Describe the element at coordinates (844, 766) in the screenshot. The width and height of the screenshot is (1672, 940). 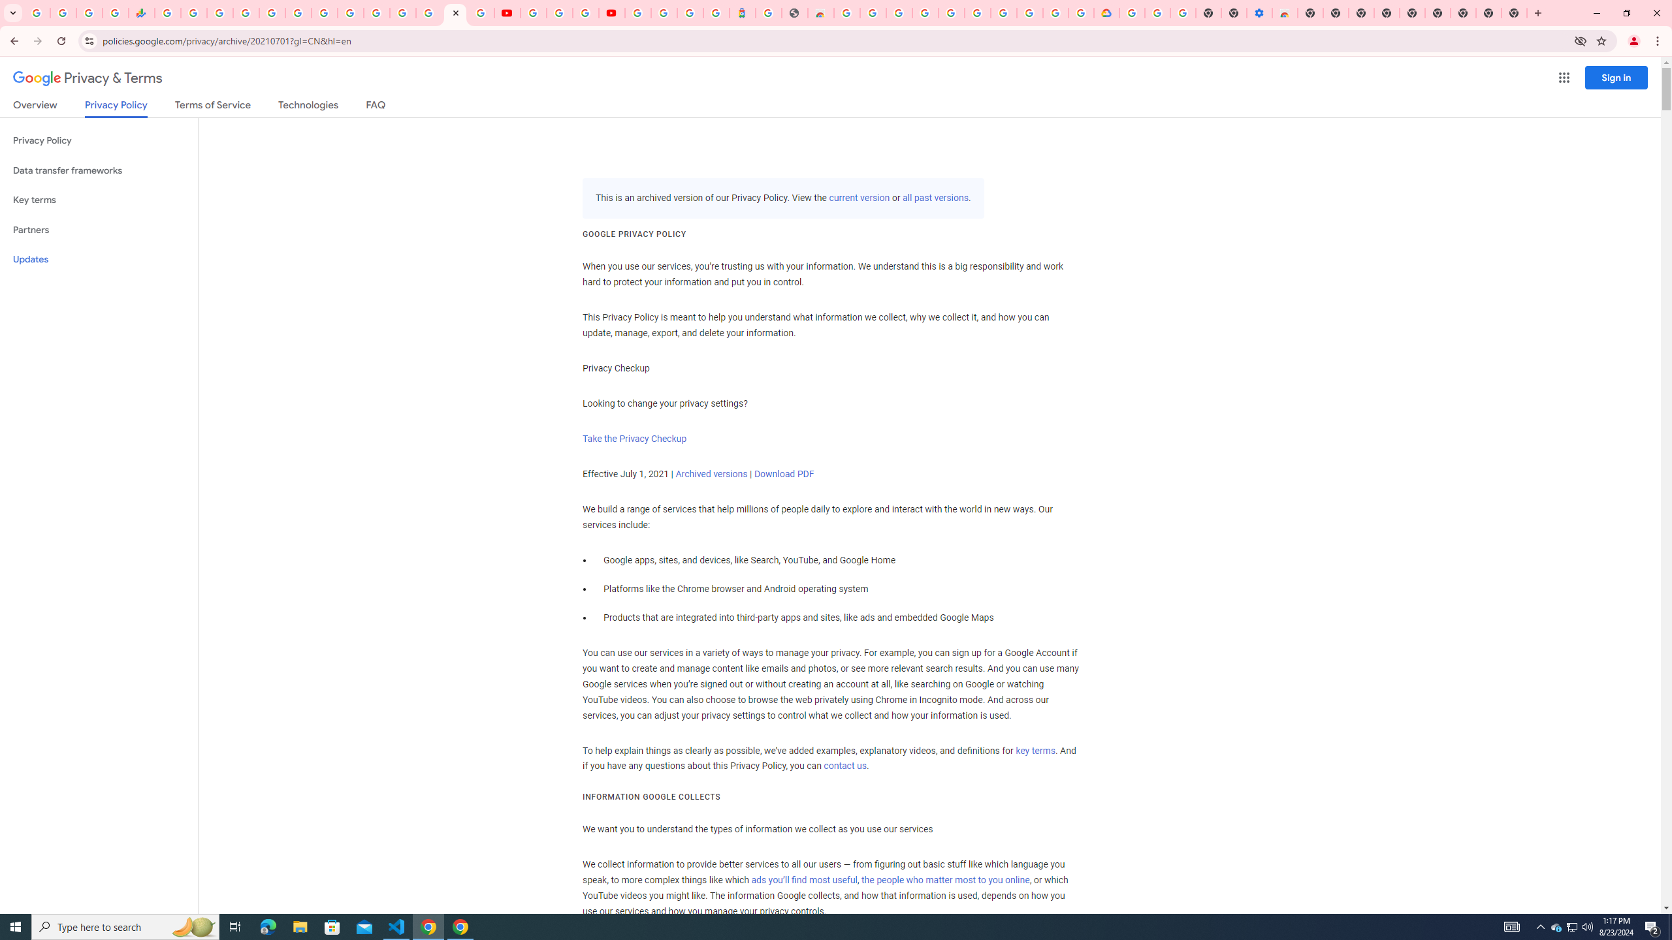
I see `'contact us'` at that location.